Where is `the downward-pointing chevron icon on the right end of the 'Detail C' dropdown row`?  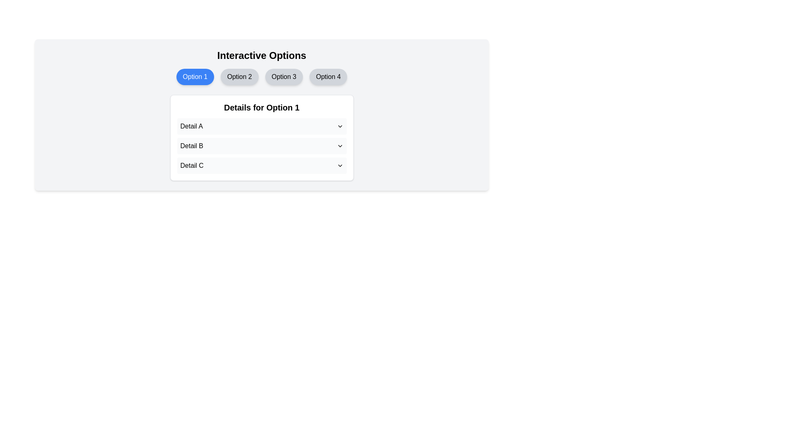 the downward-pointing chevron icon on the right end of the 'Detail C' dropdown row is located at coordinates (340, 166).